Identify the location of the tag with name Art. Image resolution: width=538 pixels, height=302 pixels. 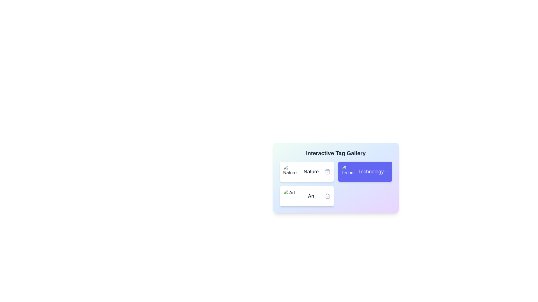
(306, 196).